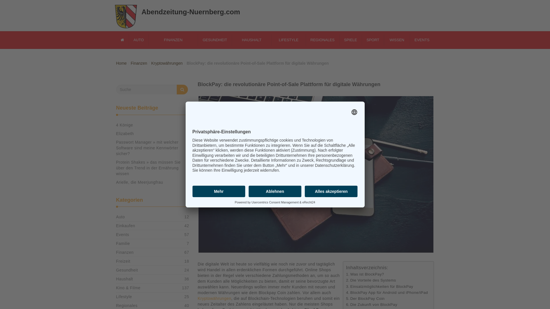 This screenshot has height=309, width=550. What do you see at coordinates (137, 63) in the screenshot?
I see `'Finanzen'` at bounding box center [137, 63].